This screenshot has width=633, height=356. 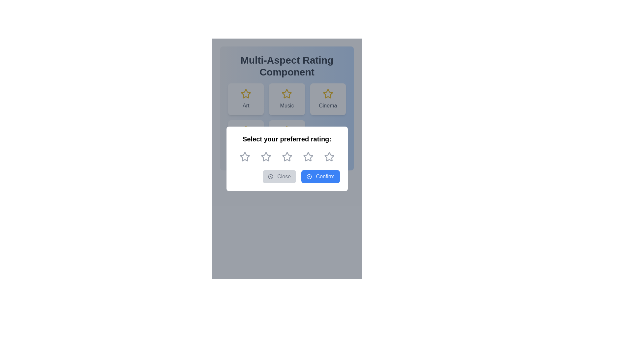 What do you see at coordinates (329, 157) in the screenshot?
I see `the fifth star icon in the rating component` at bounding box center [329, 157].